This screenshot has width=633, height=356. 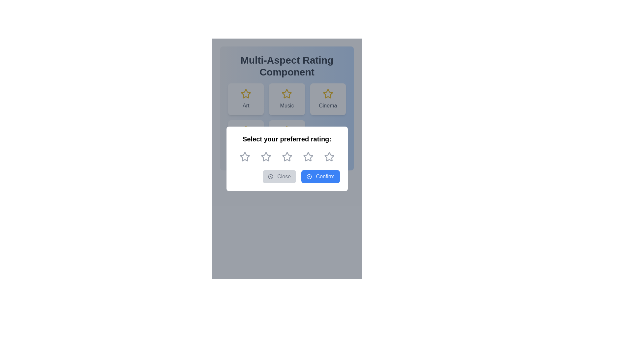 What do you see at coordinates (329, 157) in the screenshot?
I see `the fifth star icon in the rating component` at bounding box center [329, 157].